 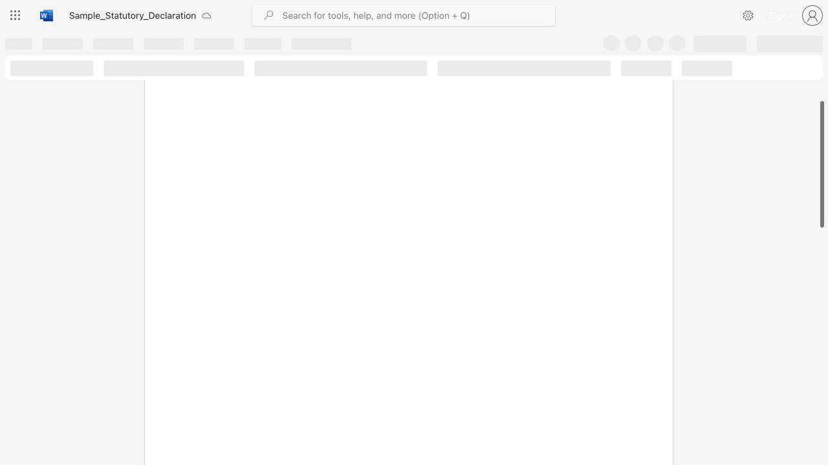 What do you see at coordinates (821, 163) in the screenshot?
I see `the scrollbar and move up 310 pixels` at bounding box center [821, 163].